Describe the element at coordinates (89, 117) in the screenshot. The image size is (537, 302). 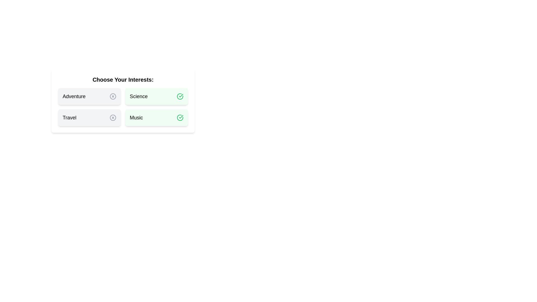
I see `the chip labeled Travel` at that location.